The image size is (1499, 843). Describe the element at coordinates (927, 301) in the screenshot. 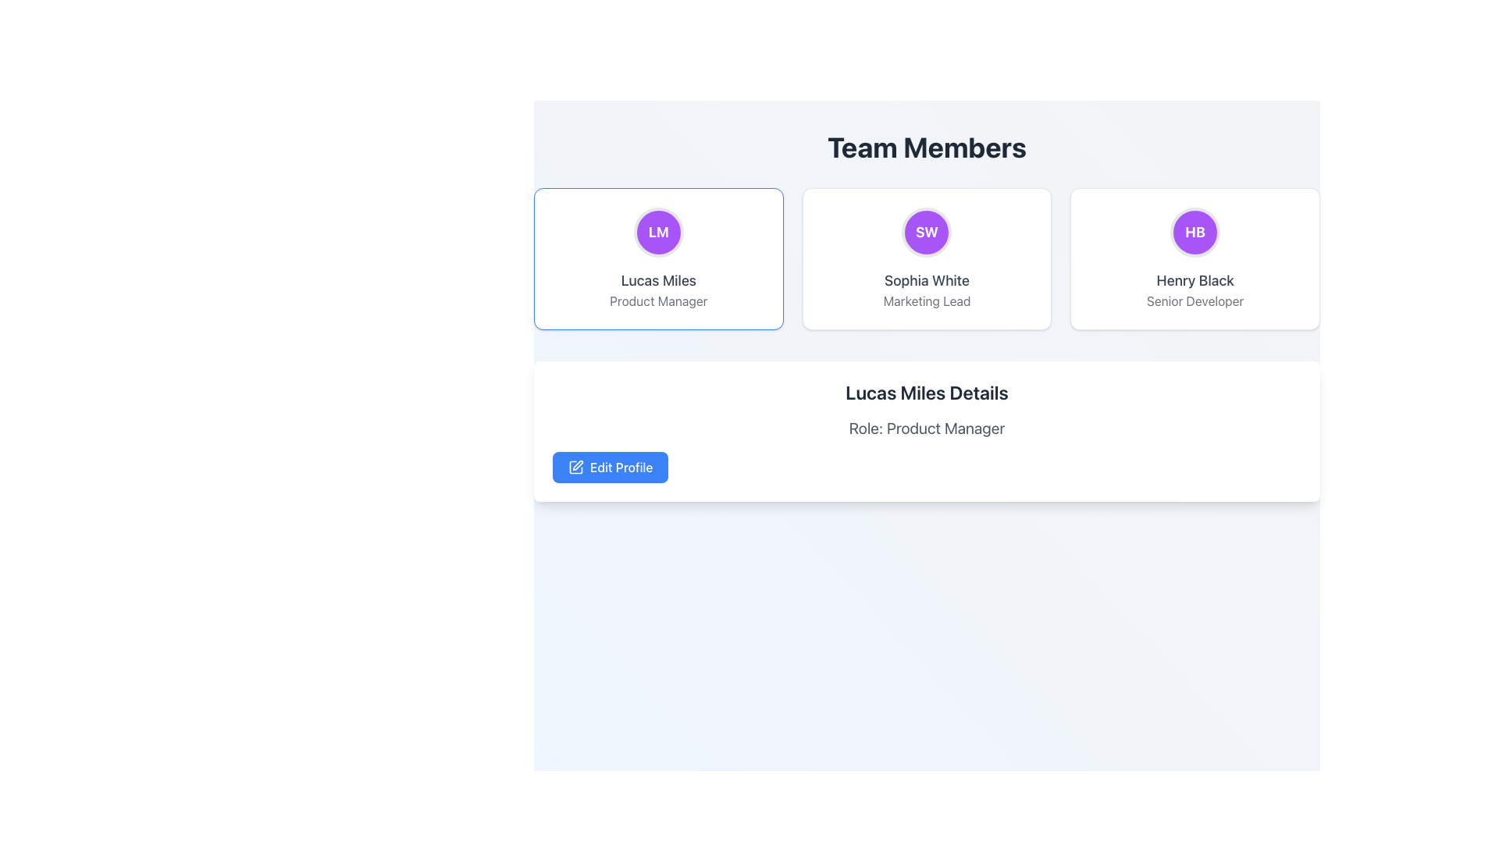

I see `the text label displaying 'Marketing Lead' which is styled in a small, gray font and located below 'Sophia White' in the middle card of the 'Team Members' section` at that location.